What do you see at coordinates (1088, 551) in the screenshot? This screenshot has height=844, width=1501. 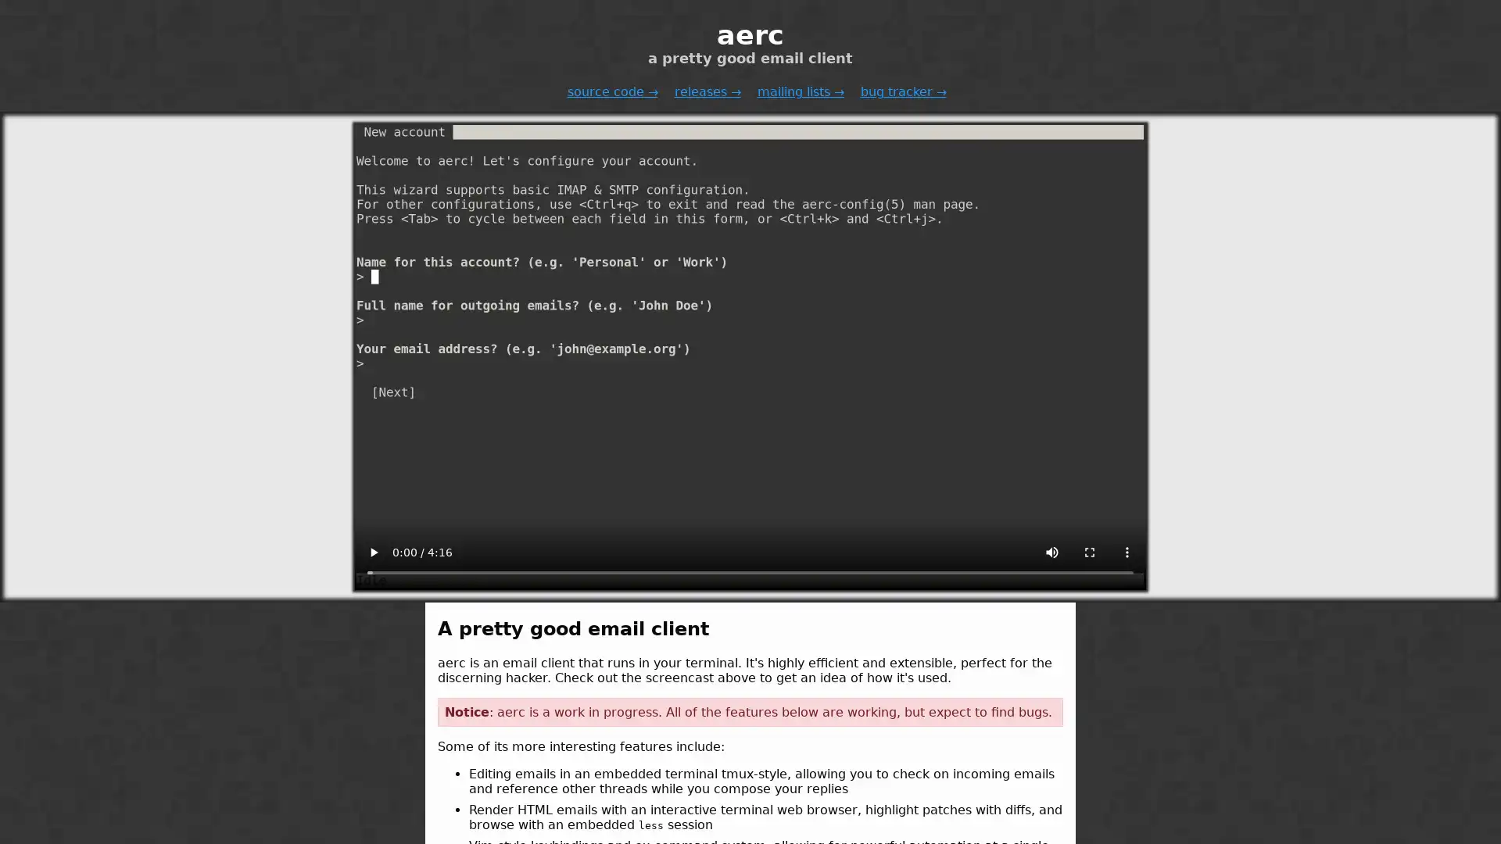 I see `enter full screen` at bounding box center [1088, 551].